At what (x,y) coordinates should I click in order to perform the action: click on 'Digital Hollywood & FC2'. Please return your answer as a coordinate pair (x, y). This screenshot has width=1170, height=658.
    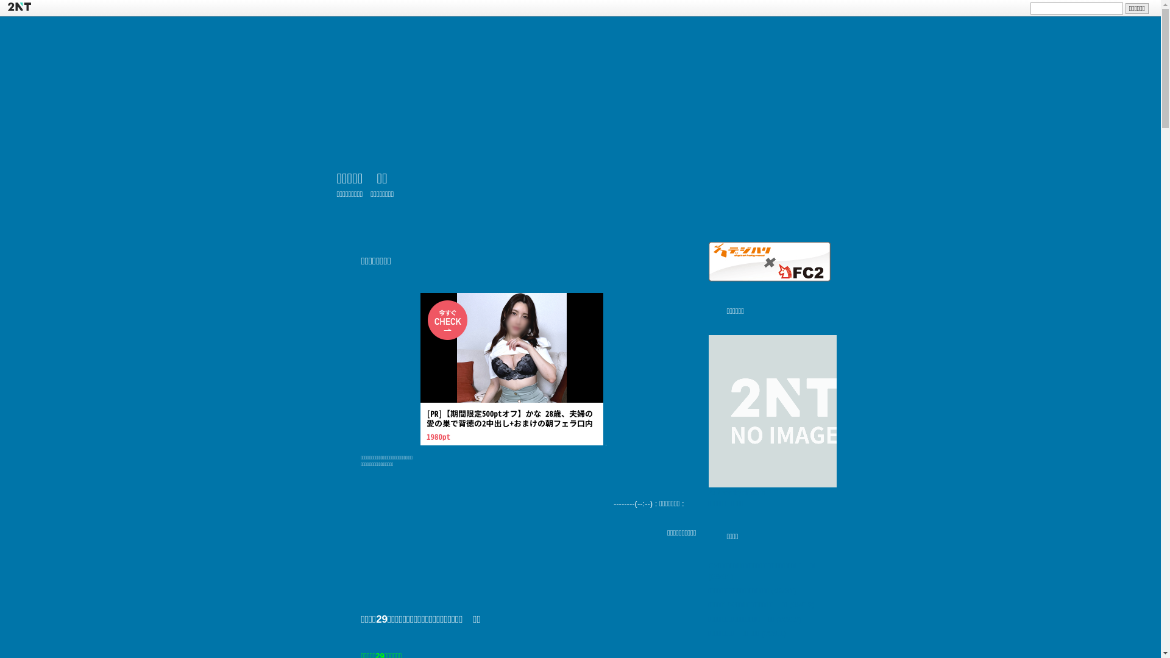
    Looking at the image, I should click on (768, 261).